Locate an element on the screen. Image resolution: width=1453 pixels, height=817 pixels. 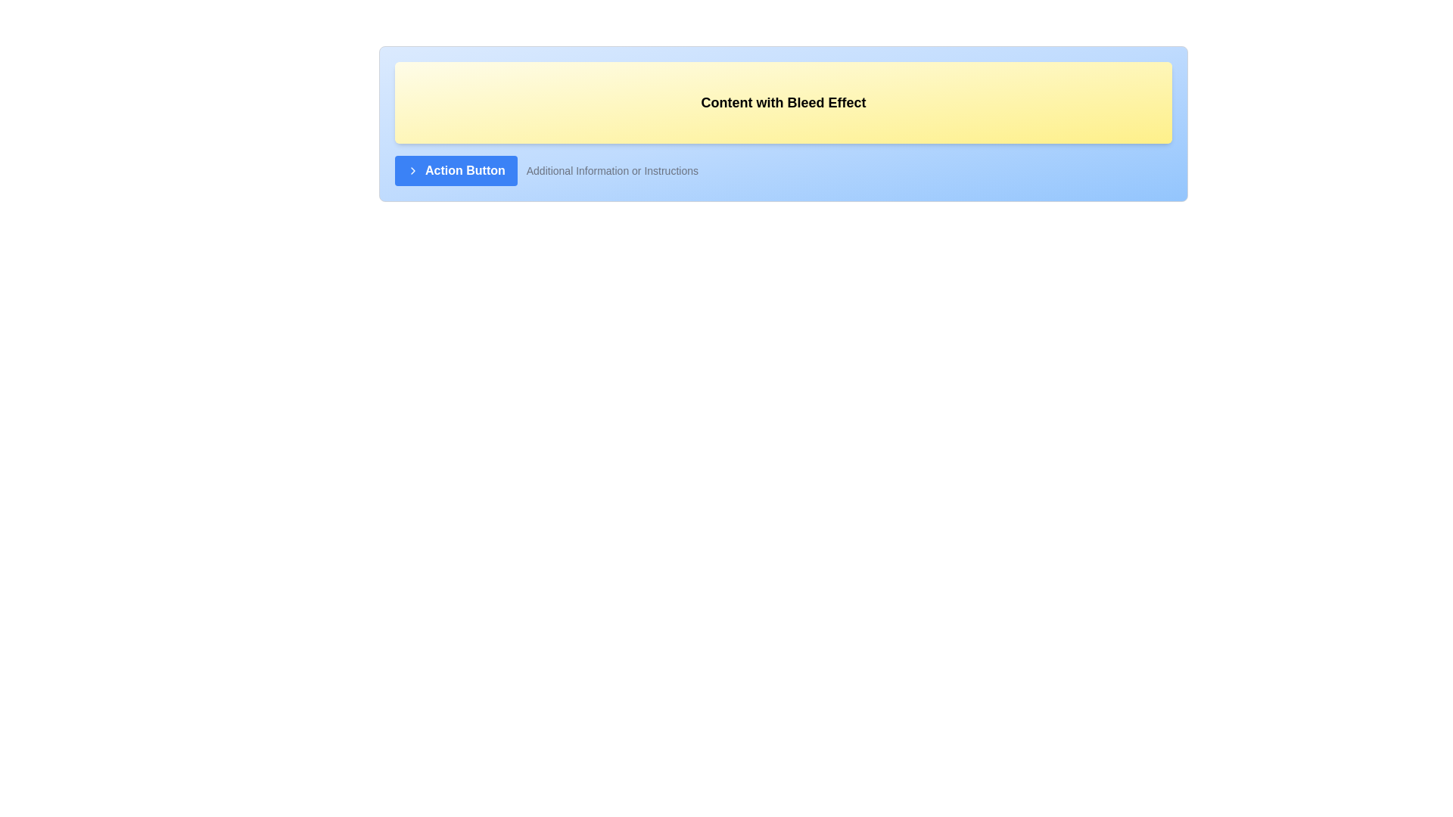
the button with a bold blue background and white text that reads 'Action Button' is located at coordinates (455, 170).